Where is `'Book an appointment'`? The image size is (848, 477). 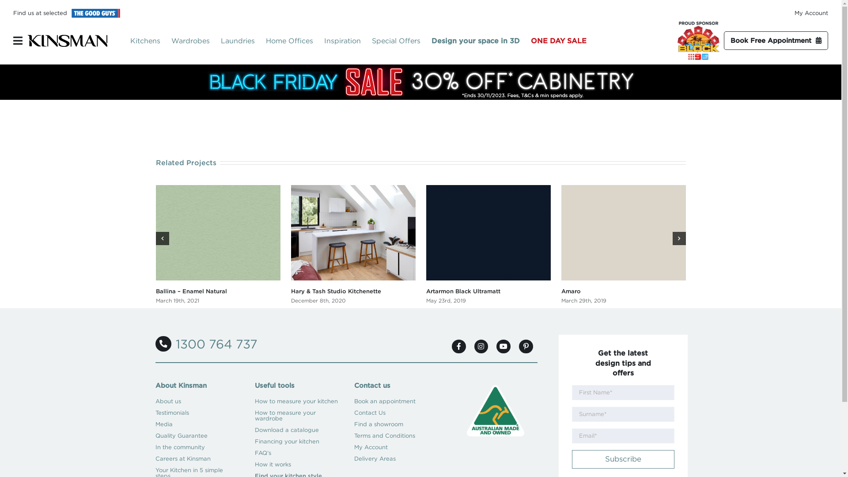
'Book an appointment' is located at coordinates (395, 401).